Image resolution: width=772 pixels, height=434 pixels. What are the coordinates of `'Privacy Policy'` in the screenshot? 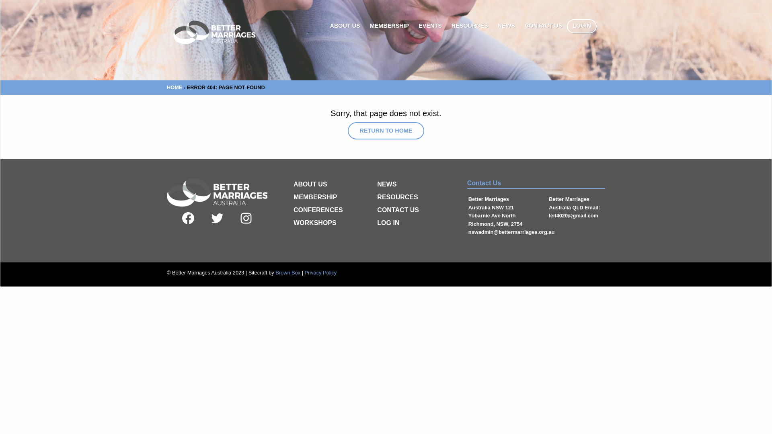 It's located at (320, 272).